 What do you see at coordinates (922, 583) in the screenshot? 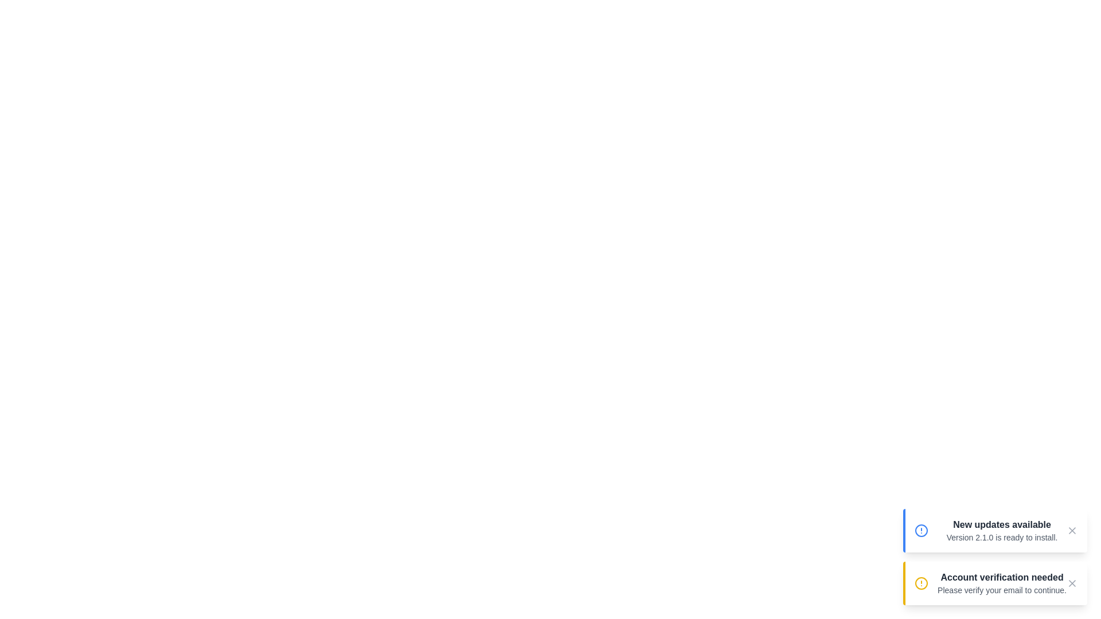
I see `the notification icon corresponding to warning` at bounding box center [922, 583].